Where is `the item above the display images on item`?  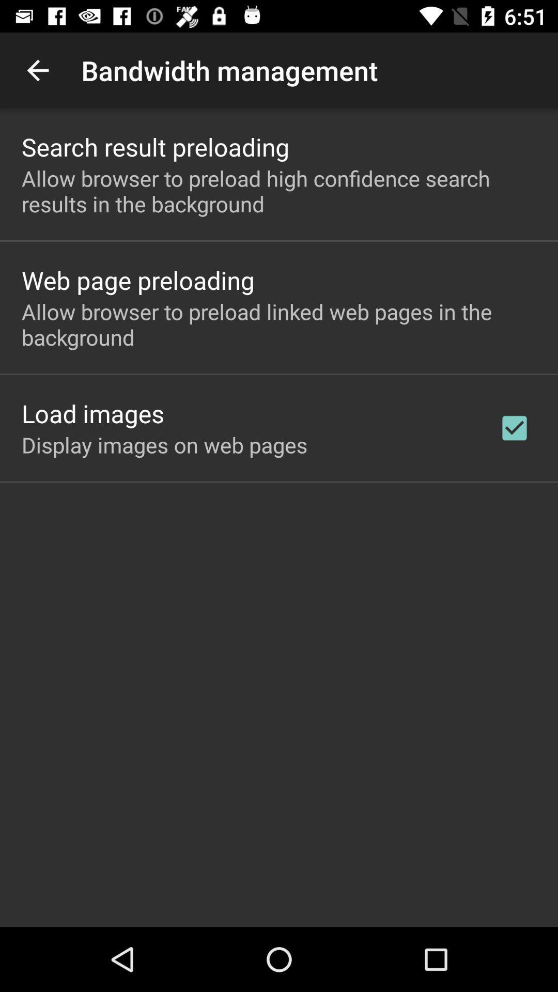
the item above the display images on item is located at coordinates (93, 413).